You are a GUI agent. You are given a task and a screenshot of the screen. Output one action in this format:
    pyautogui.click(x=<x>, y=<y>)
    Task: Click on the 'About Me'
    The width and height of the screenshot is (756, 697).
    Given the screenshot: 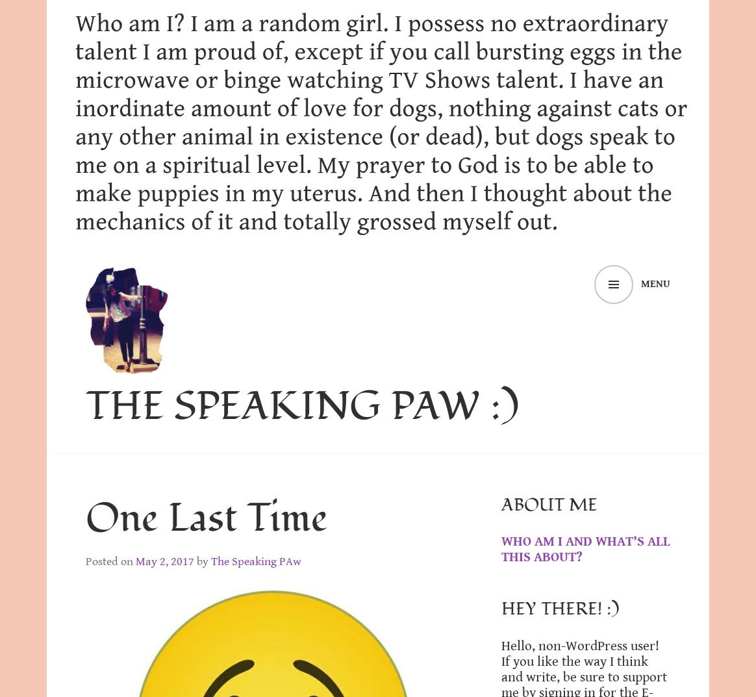 What is the action you would take?
    pyautogui.click(x=548, y=504)
    